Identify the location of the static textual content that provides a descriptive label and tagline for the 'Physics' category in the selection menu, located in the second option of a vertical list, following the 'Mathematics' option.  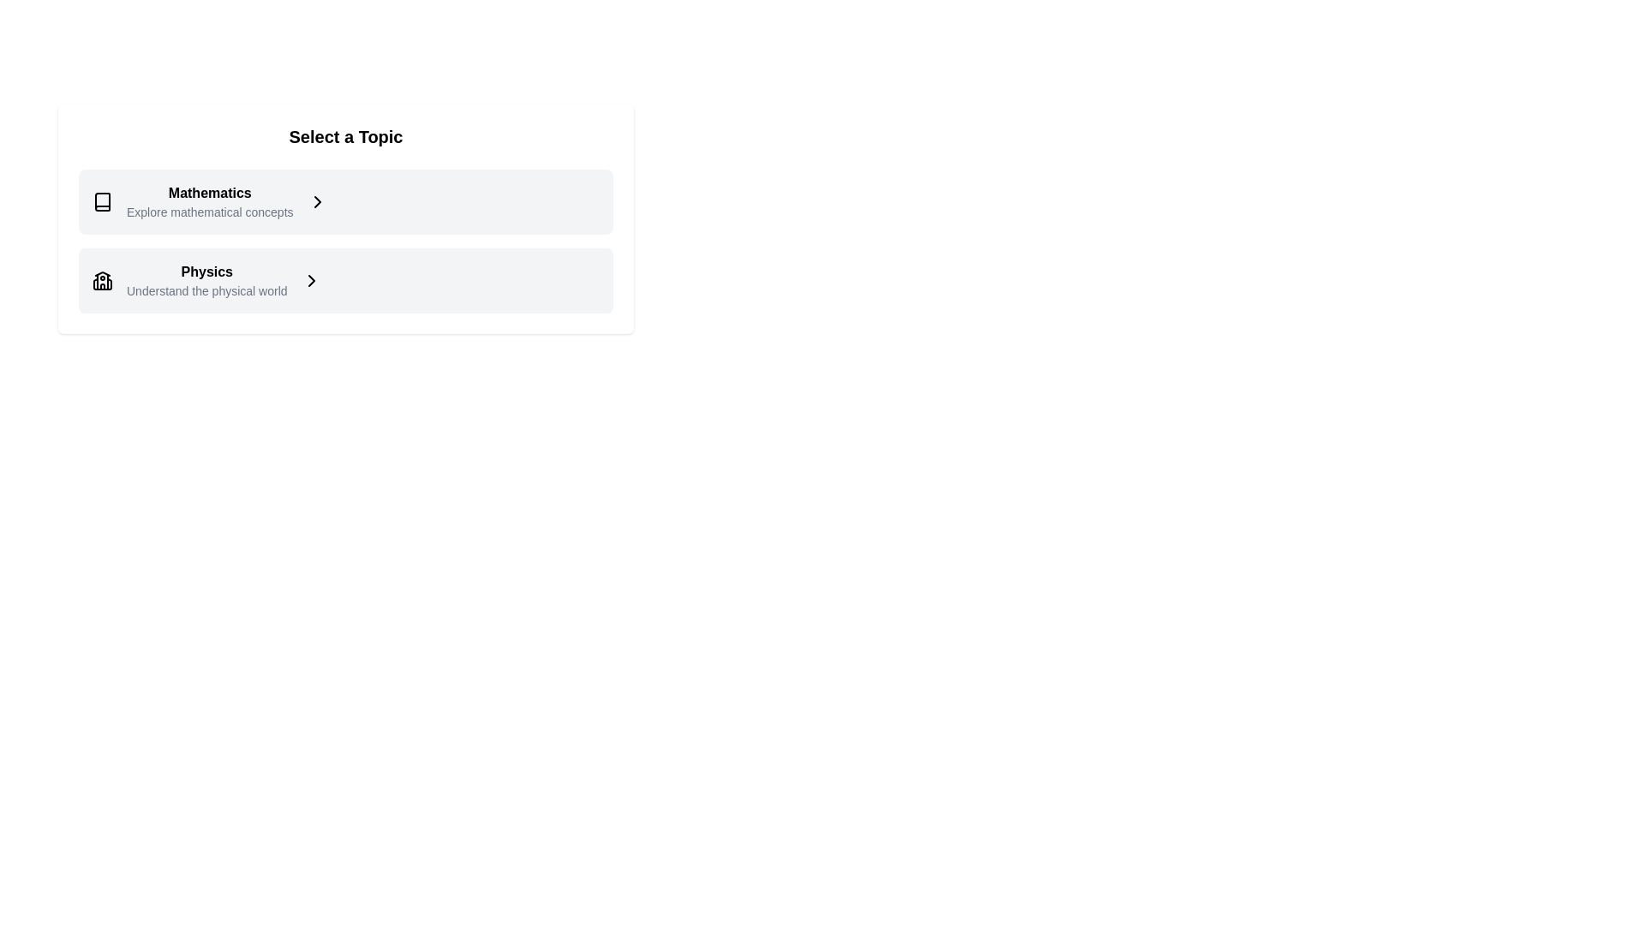
(206, 279).